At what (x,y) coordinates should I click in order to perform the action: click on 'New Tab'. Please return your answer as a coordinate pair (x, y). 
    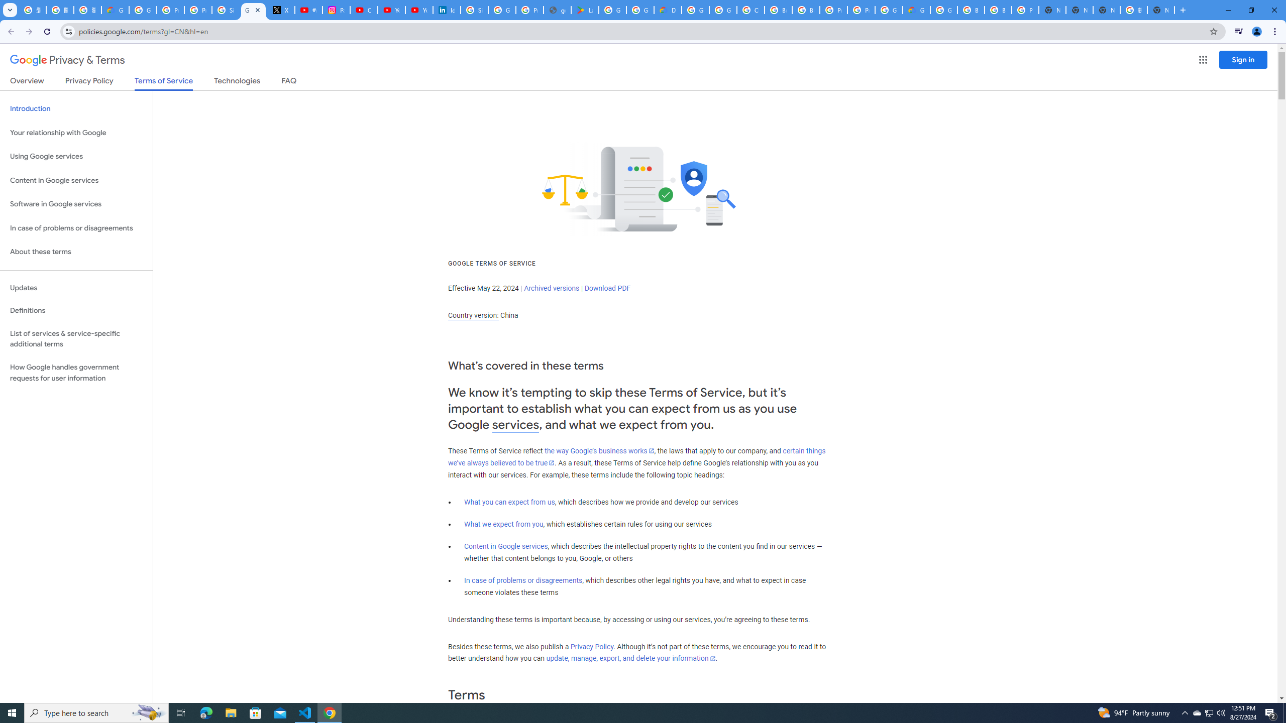
    Looking at the image, I should click on (1161, 10).